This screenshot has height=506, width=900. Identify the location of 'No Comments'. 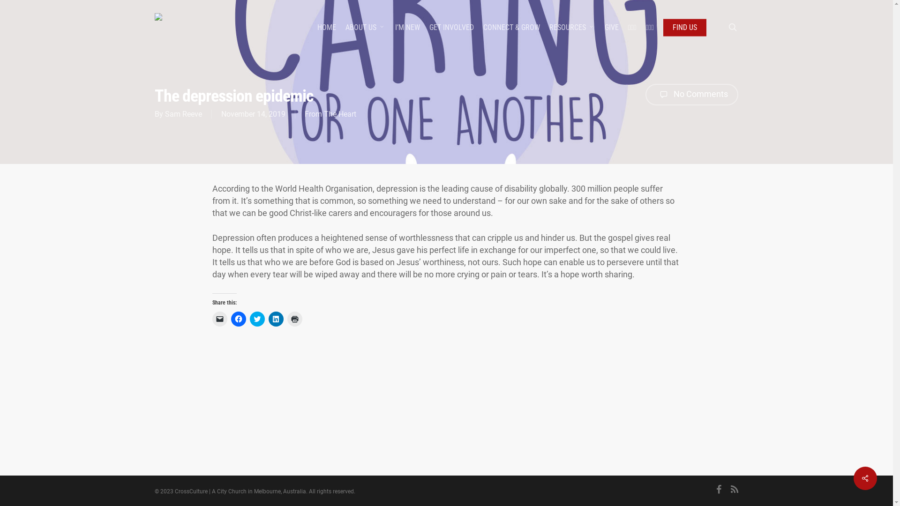
(692, 94).